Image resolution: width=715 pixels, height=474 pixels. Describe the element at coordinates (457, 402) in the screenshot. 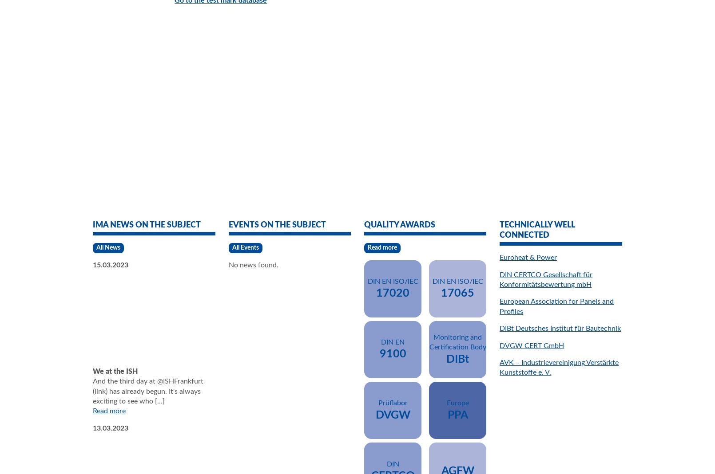

I see `'Europe'` at that location.